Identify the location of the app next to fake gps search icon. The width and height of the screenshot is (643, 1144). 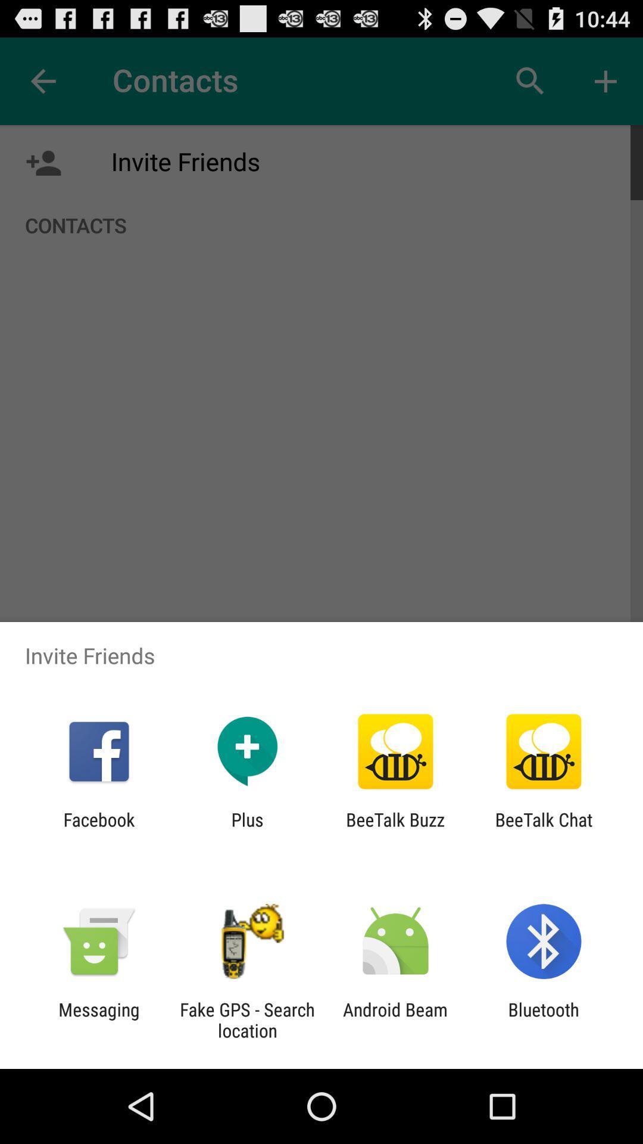
(395, 1019).